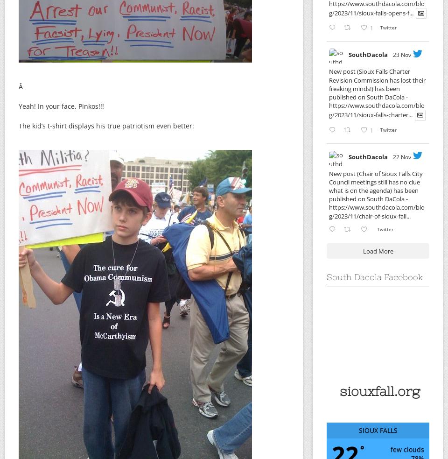 This screenshot has height=459, width=448. I want to click on 'Sioux Falls', so click(358, 430).